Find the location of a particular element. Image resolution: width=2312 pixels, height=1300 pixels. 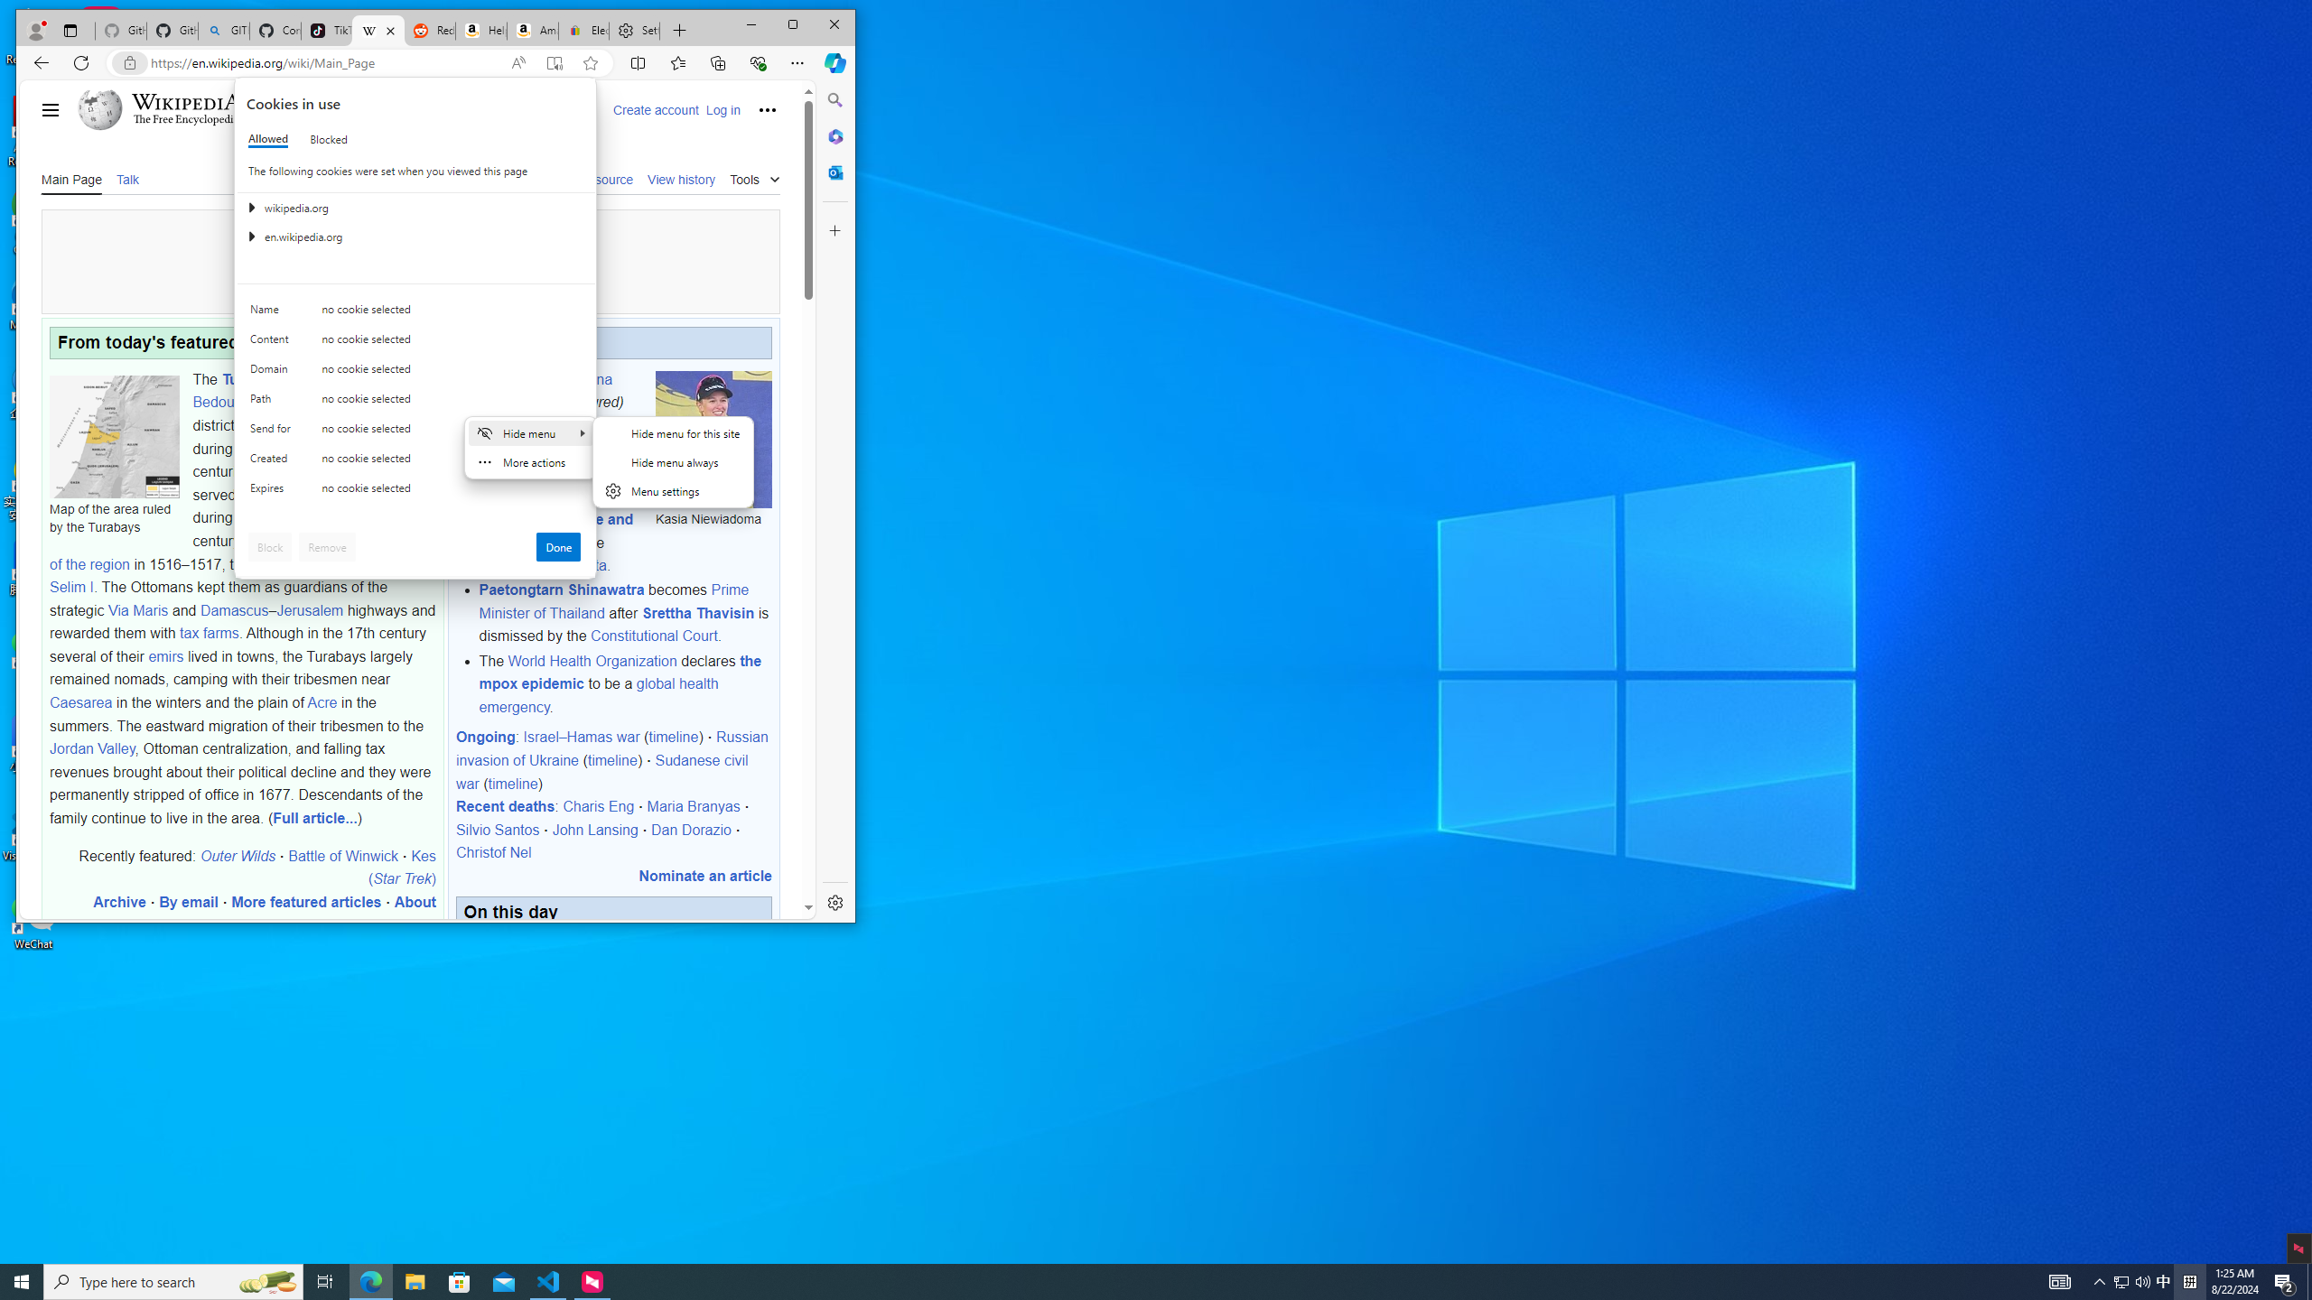

'Menu settings' is located at coordinates (673, 490).